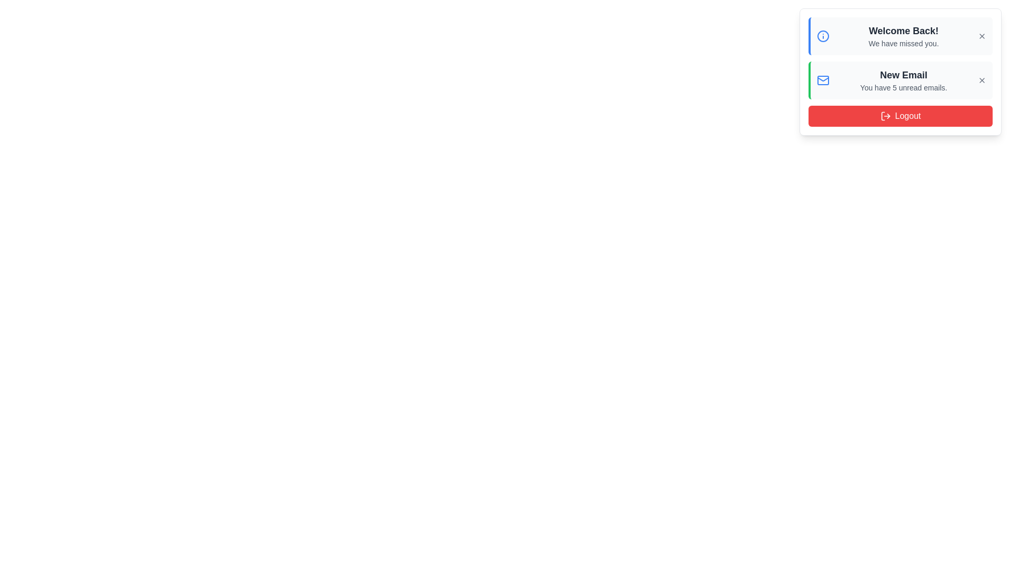 The image size is (1010, 568). What do you see at coordinates (903, 43) in the screenshot?
I see `the secondary text label below the main heading 'Welcome Back!' in the card layout, which serves as a welcoming message to re-engage the user` at bounding box center [903, 43].